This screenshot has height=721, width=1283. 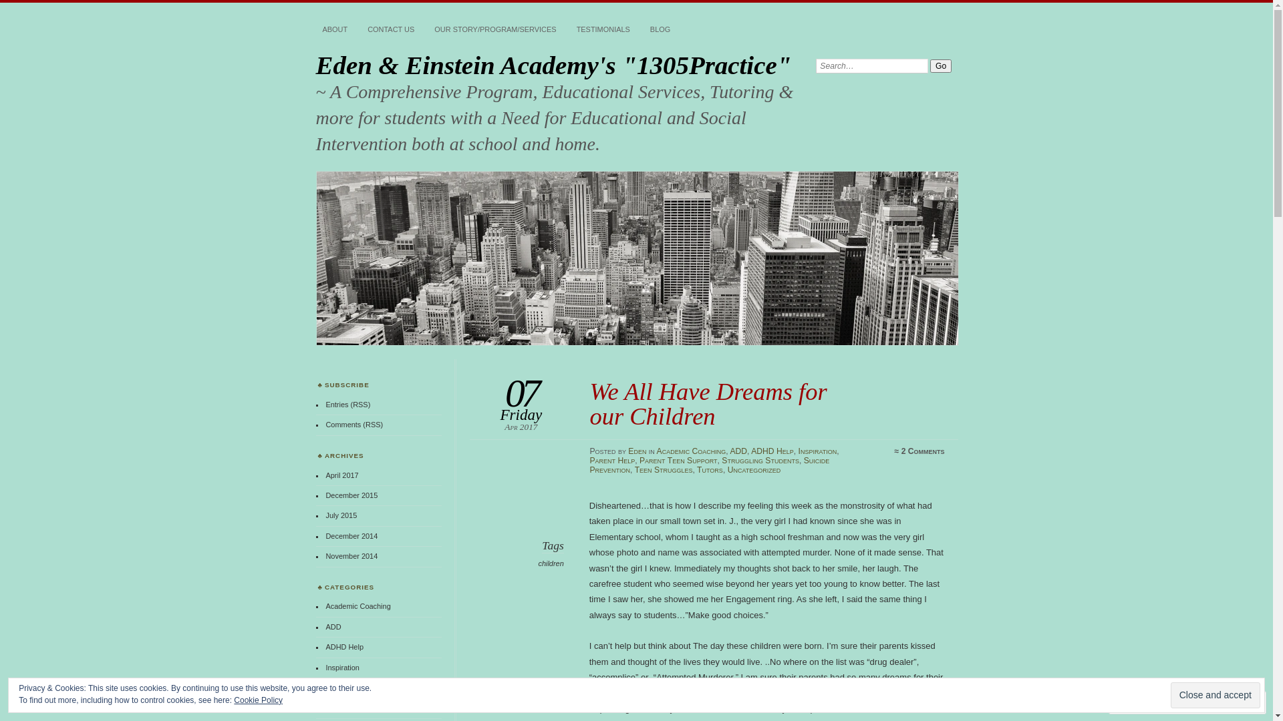 I want to click on 'Parent Help', so click(x=611, y=460).